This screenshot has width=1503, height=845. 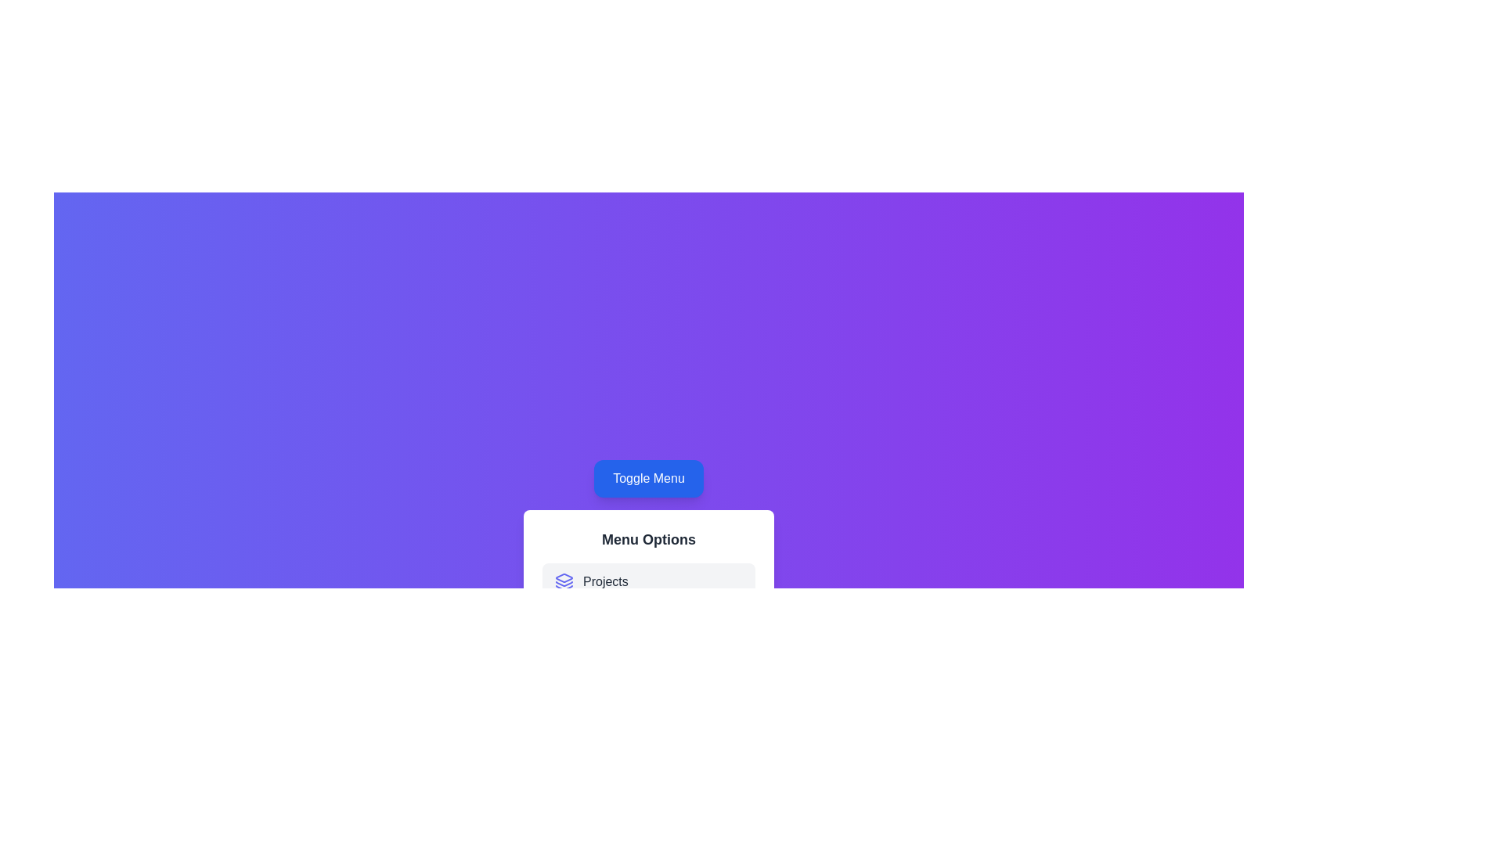 I want to click on the menu item labeled Projects, so click(x=649, y=582).